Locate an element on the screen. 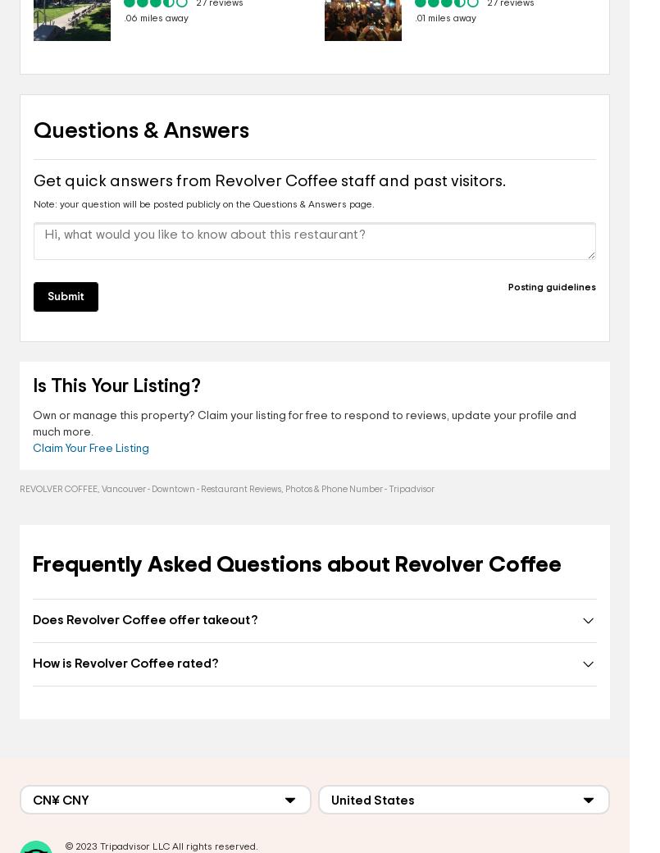  'CN¥ CNY' is located at coordinates (60, 800).